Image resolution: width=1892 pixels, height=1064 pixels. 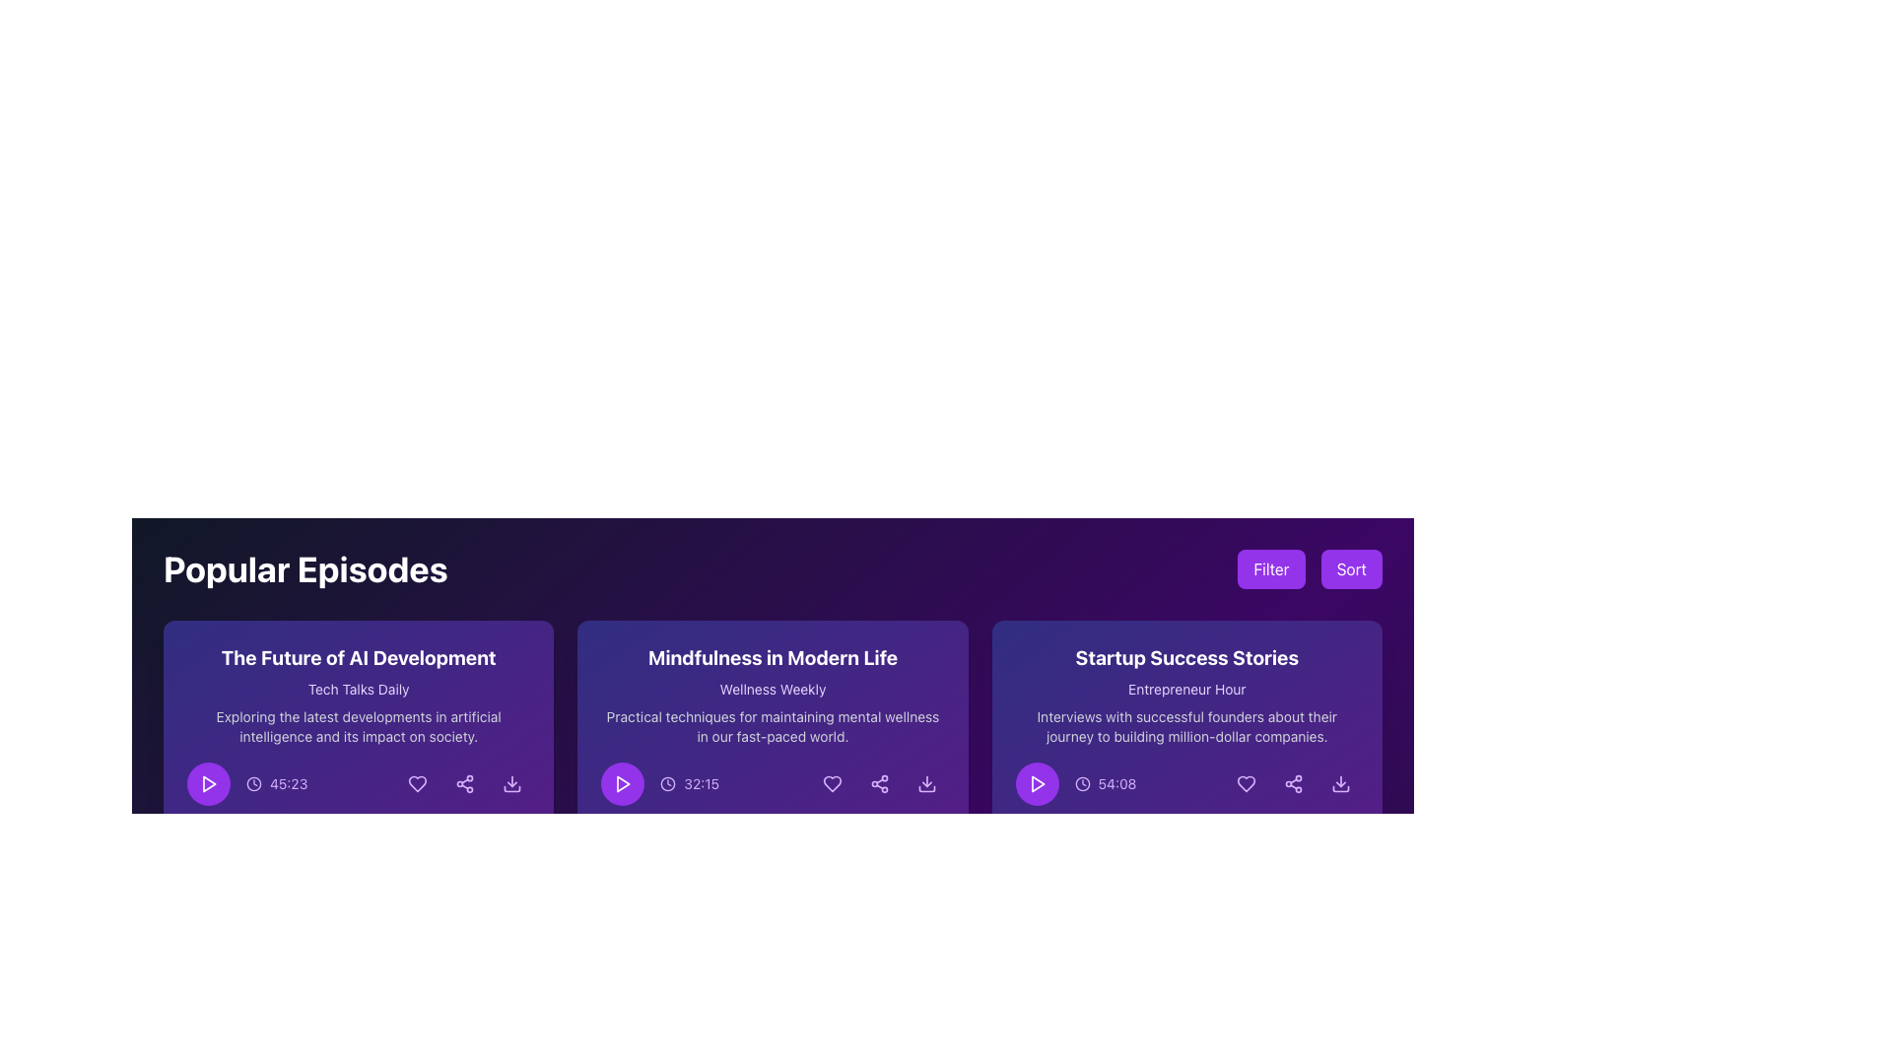 I want to click on the share icon located at the bottom right of the 'Mindfulness in Modern Life' content card in the 'Popular Episodes' section to share the associated content, so click(x=878, y=782).